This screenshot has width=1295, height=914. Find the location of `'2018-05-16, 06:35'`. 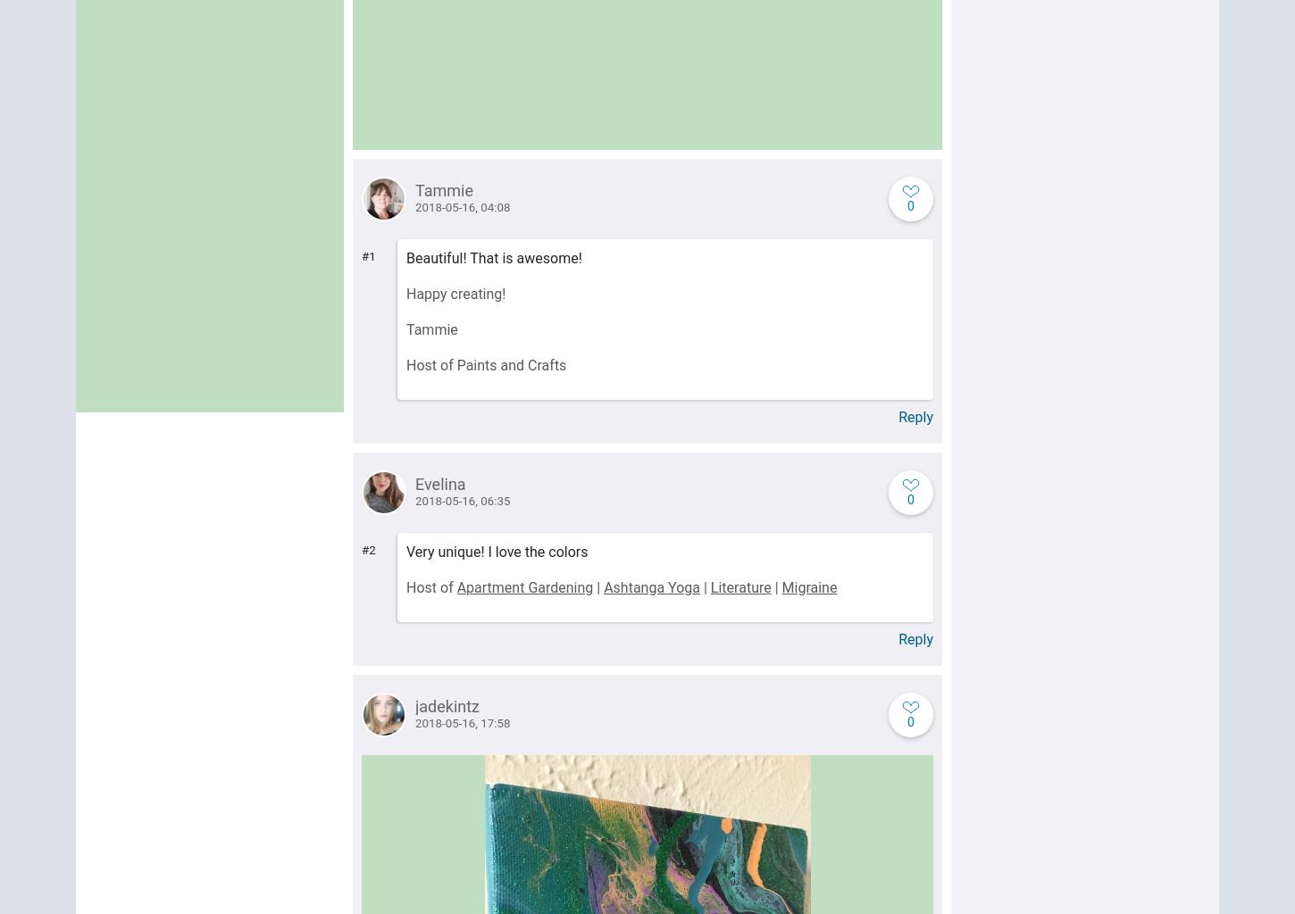

'2018-05-16, 06:35' is located at coordinates (462, 500).